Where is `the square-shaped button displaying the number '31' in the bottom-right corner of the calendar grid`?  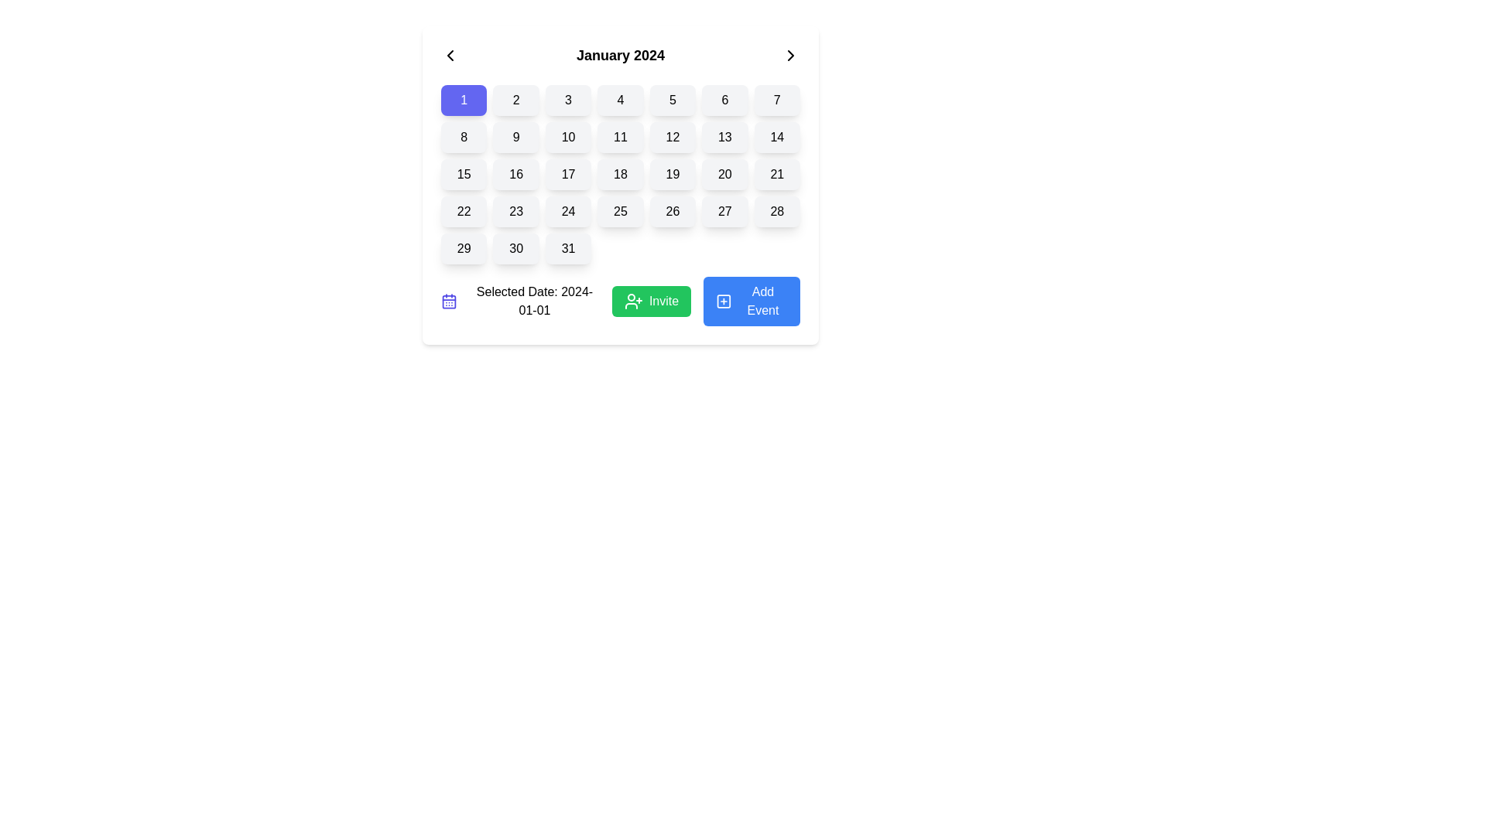
the square-shaped button displaying the number '31' in the bottom-right corner of the calendar grid is located at coordinates (567, 247).